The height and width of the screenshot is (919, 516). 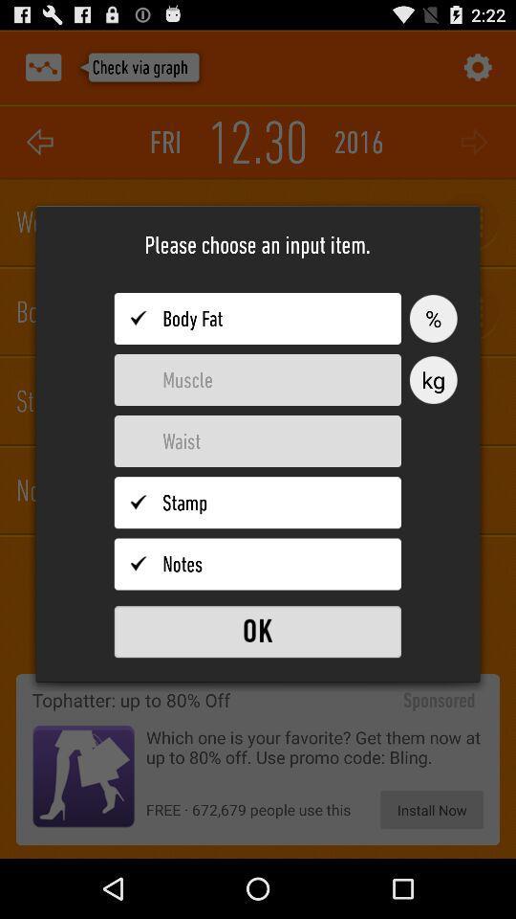 I want to click on waist, so click(x=257, y=441).